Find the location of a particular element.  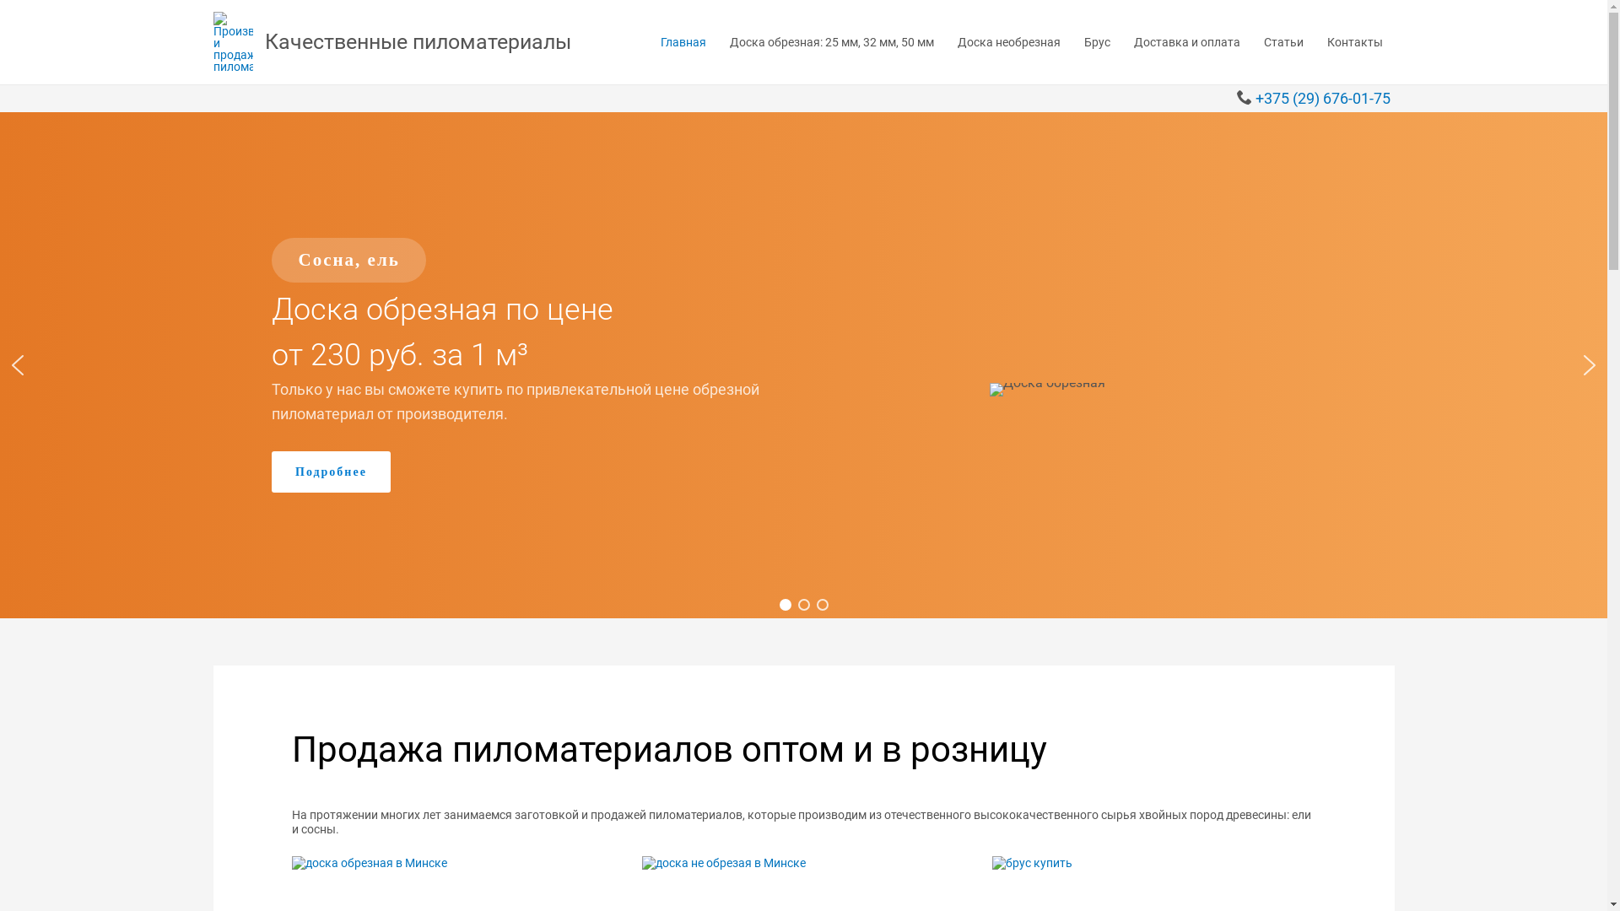

'+375 (29) 676-01-75' is located at coordinates (1322, 98).